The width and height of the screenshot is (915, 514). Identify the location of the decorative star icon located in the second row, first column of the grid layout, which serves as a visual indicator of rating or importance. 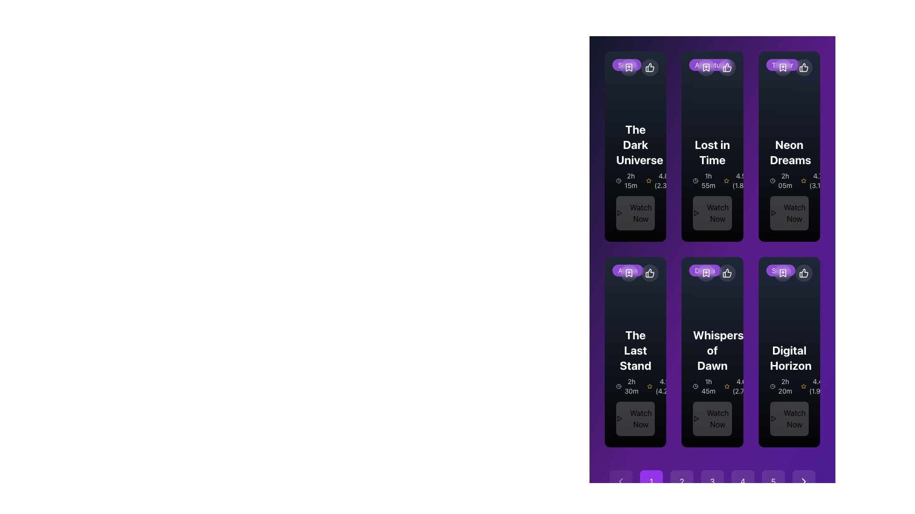
(726, 180).